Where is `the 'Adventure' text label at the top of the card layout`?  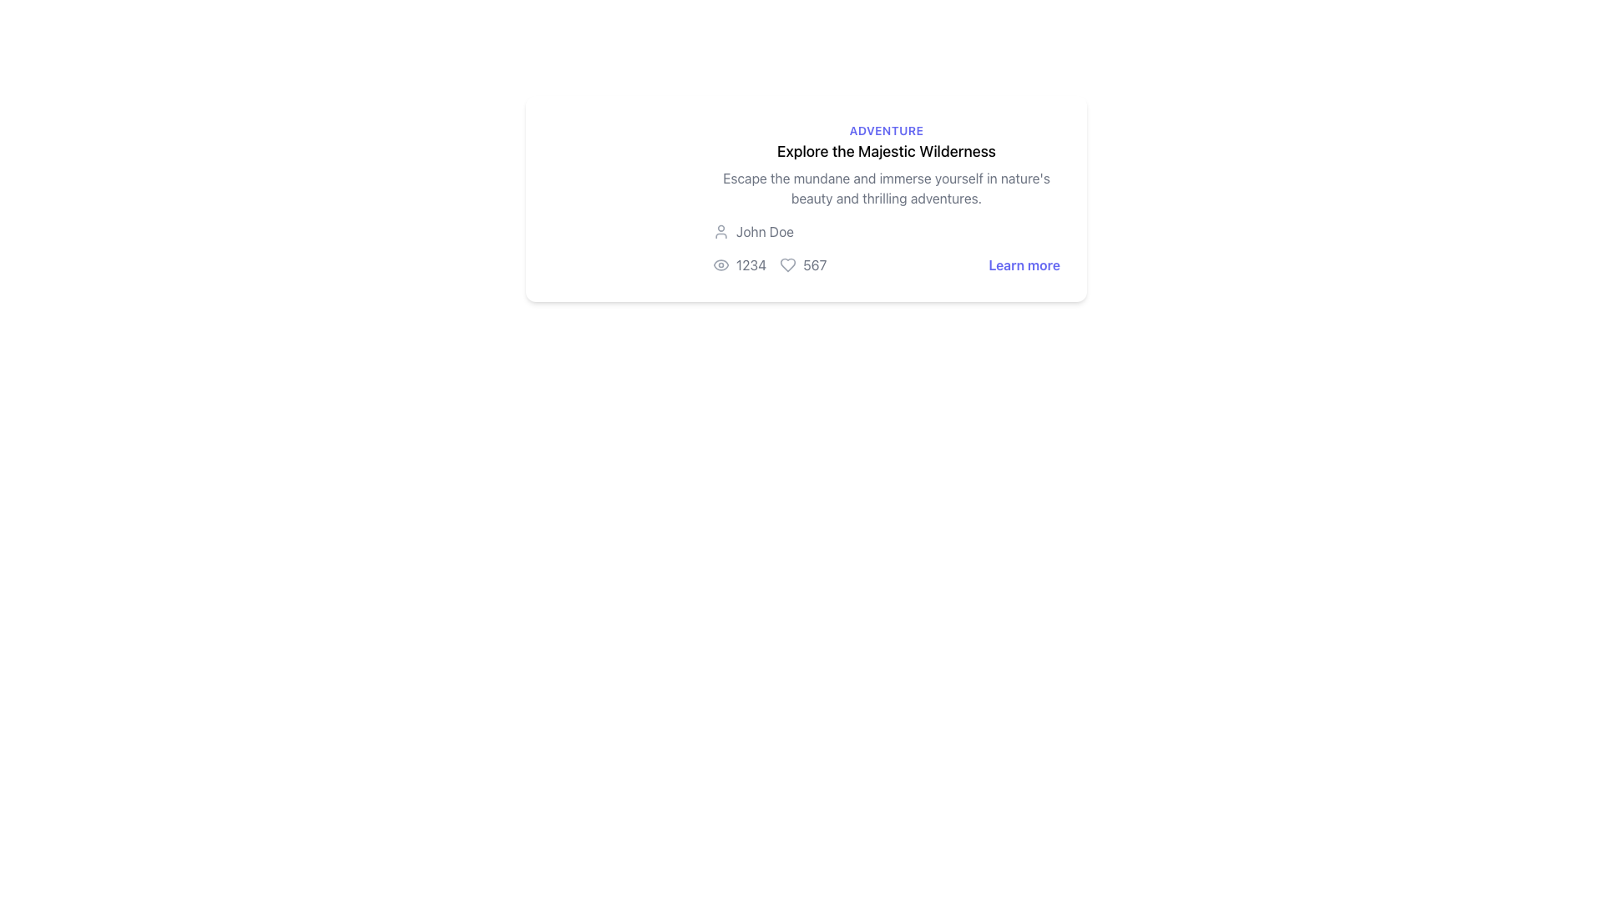 the 'Adventure' text label at the top of the card layout is located at coordinates (885, 130).